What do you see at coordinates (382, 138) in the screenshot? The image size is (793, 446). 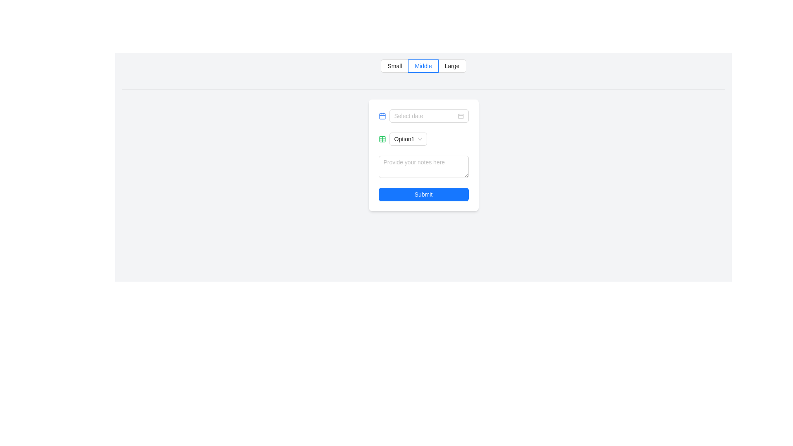 I see `the SVG vector graphic representation of a cell within the second row and first column of the table layout, located to the left of the 'Option1' dropdown` at bounding box center [382, 138].